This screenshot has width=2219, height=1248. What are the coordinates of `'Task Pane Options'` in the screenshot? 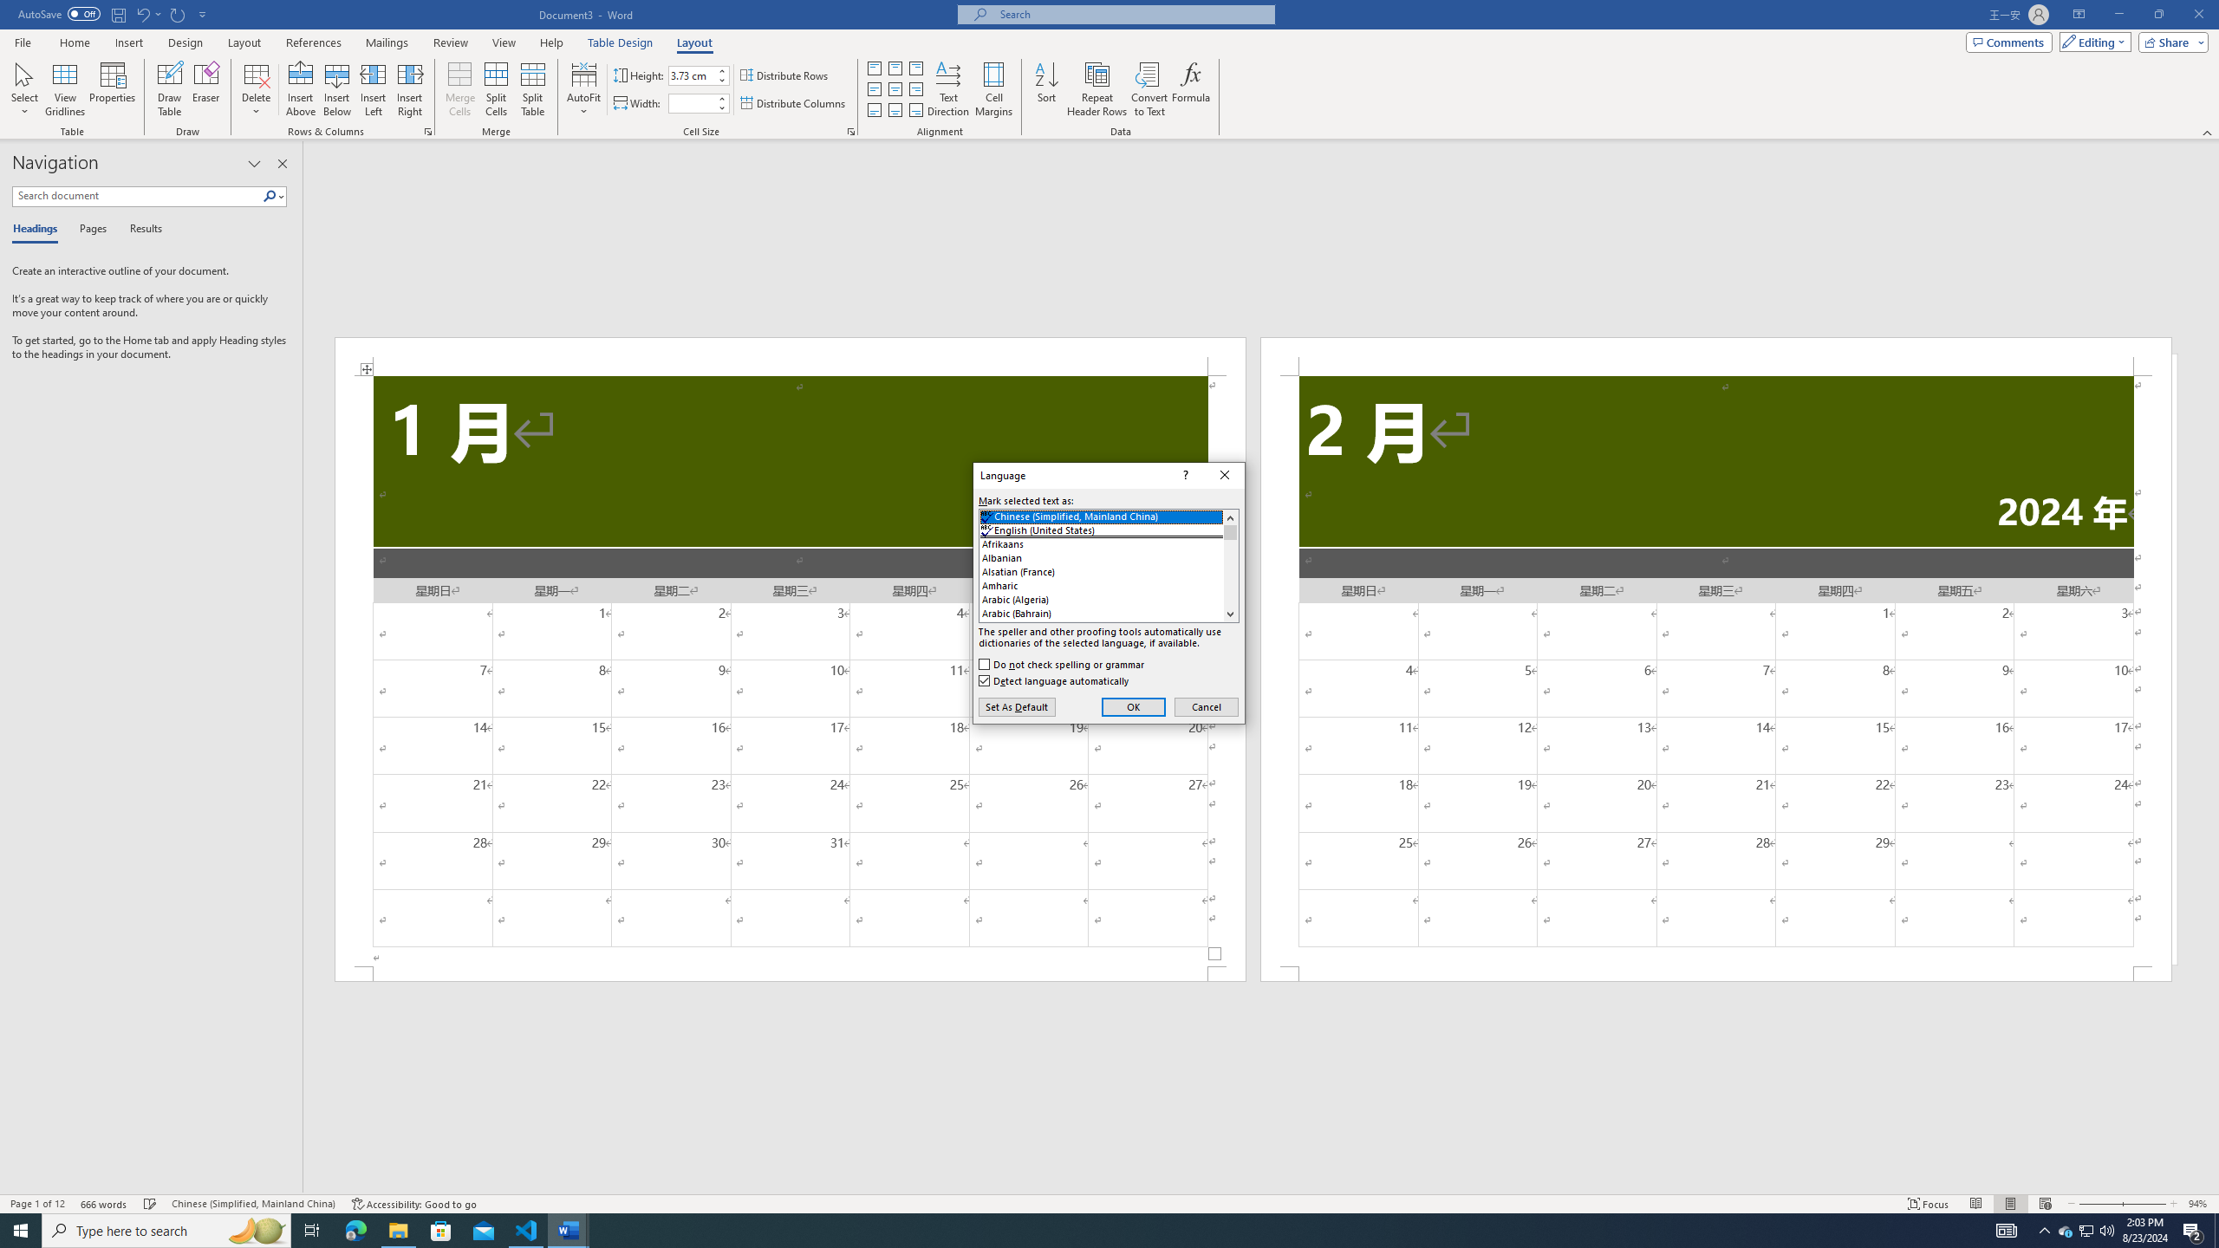 It's located at (254, 163).